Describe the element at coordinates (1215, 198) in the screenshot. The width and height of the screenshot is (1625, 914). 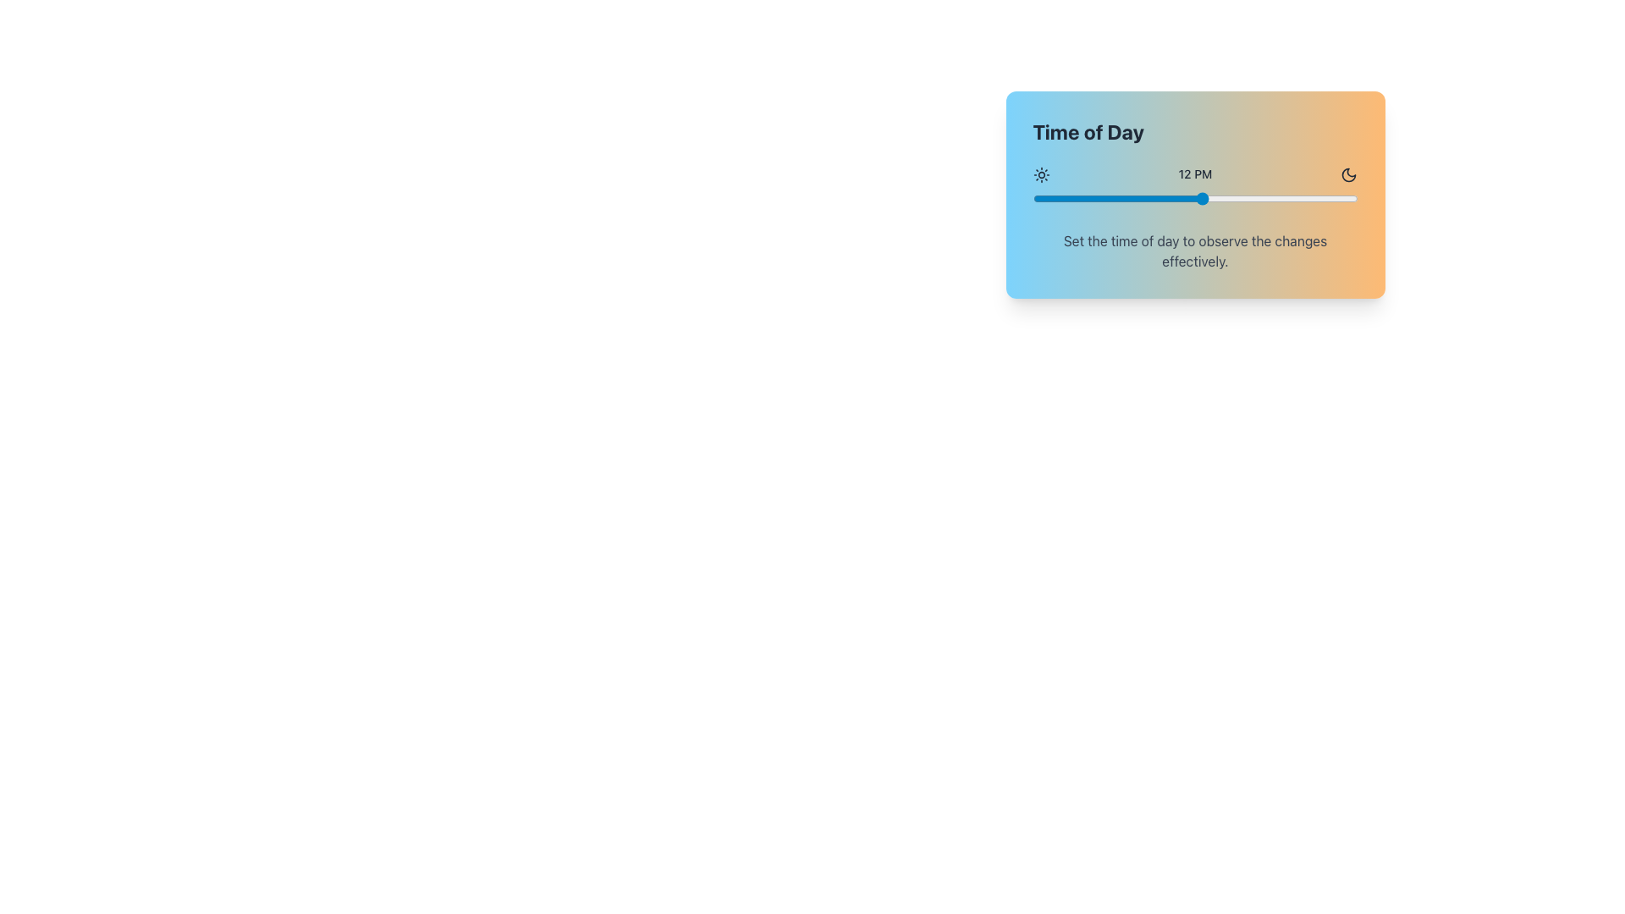
I see `the slider value` at that location.